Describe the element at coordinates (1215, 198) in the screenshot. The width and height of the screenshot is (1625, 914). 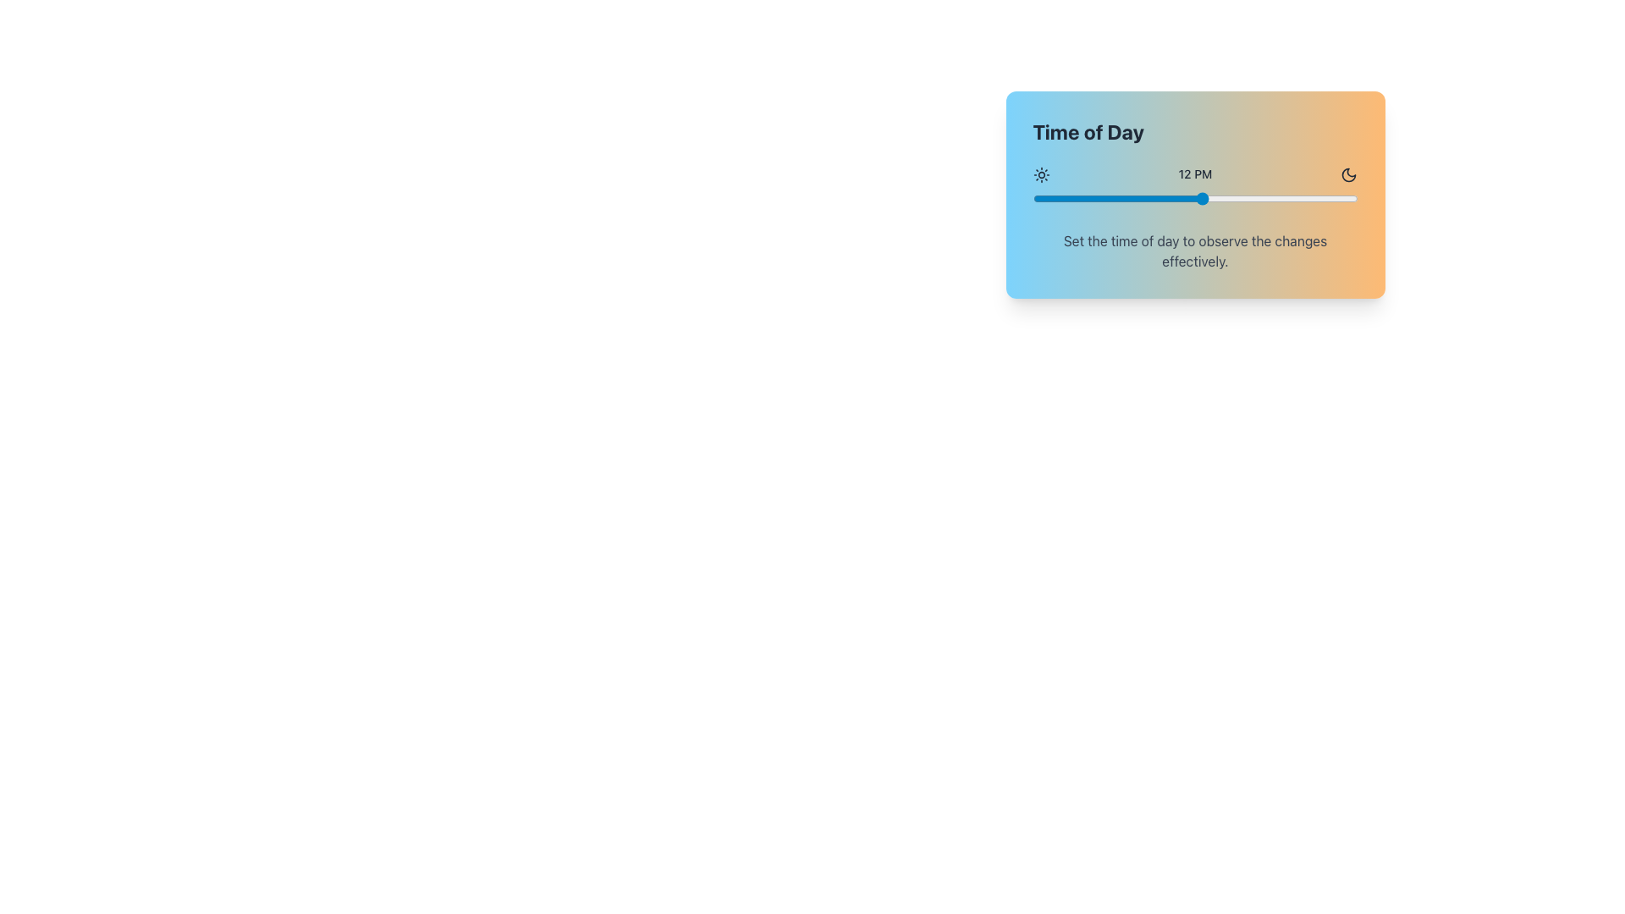
I see `the slider value` at that location.